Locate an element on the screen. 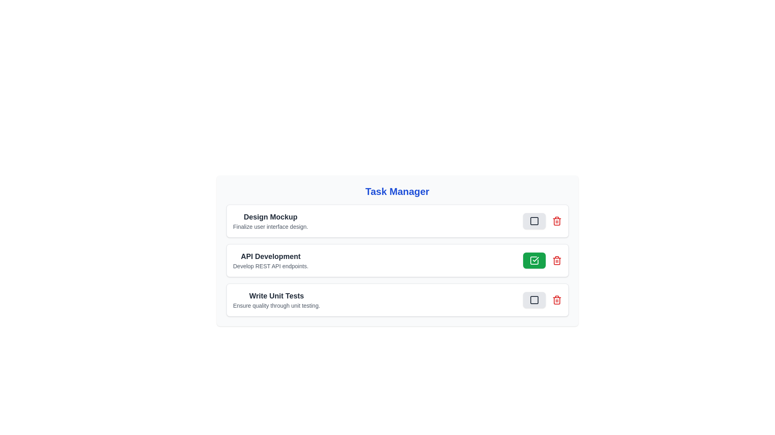  the square icon with rounded corners and a thin outline located in the right section of the last task row titled 'Write Unit Tests' is located at coordinates (534, 300).